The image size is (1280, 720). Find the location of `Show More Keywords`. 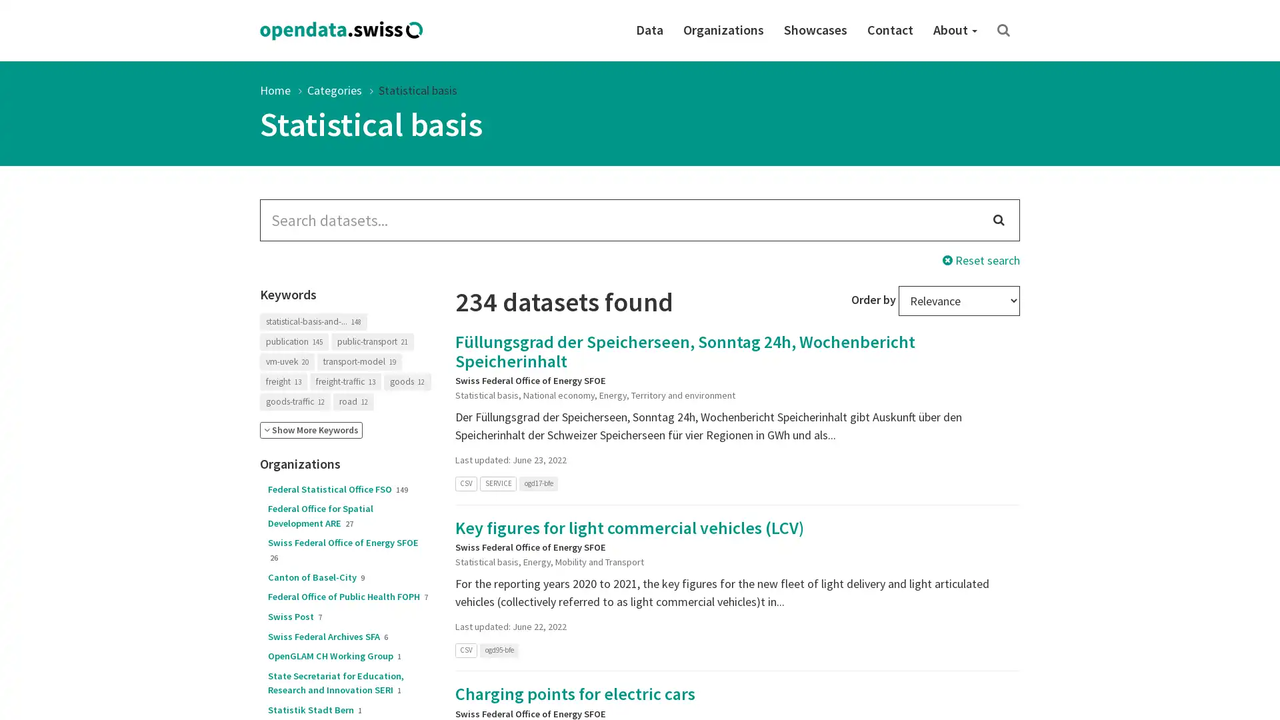

Show More Keywords is located at coordinates (310, 430).